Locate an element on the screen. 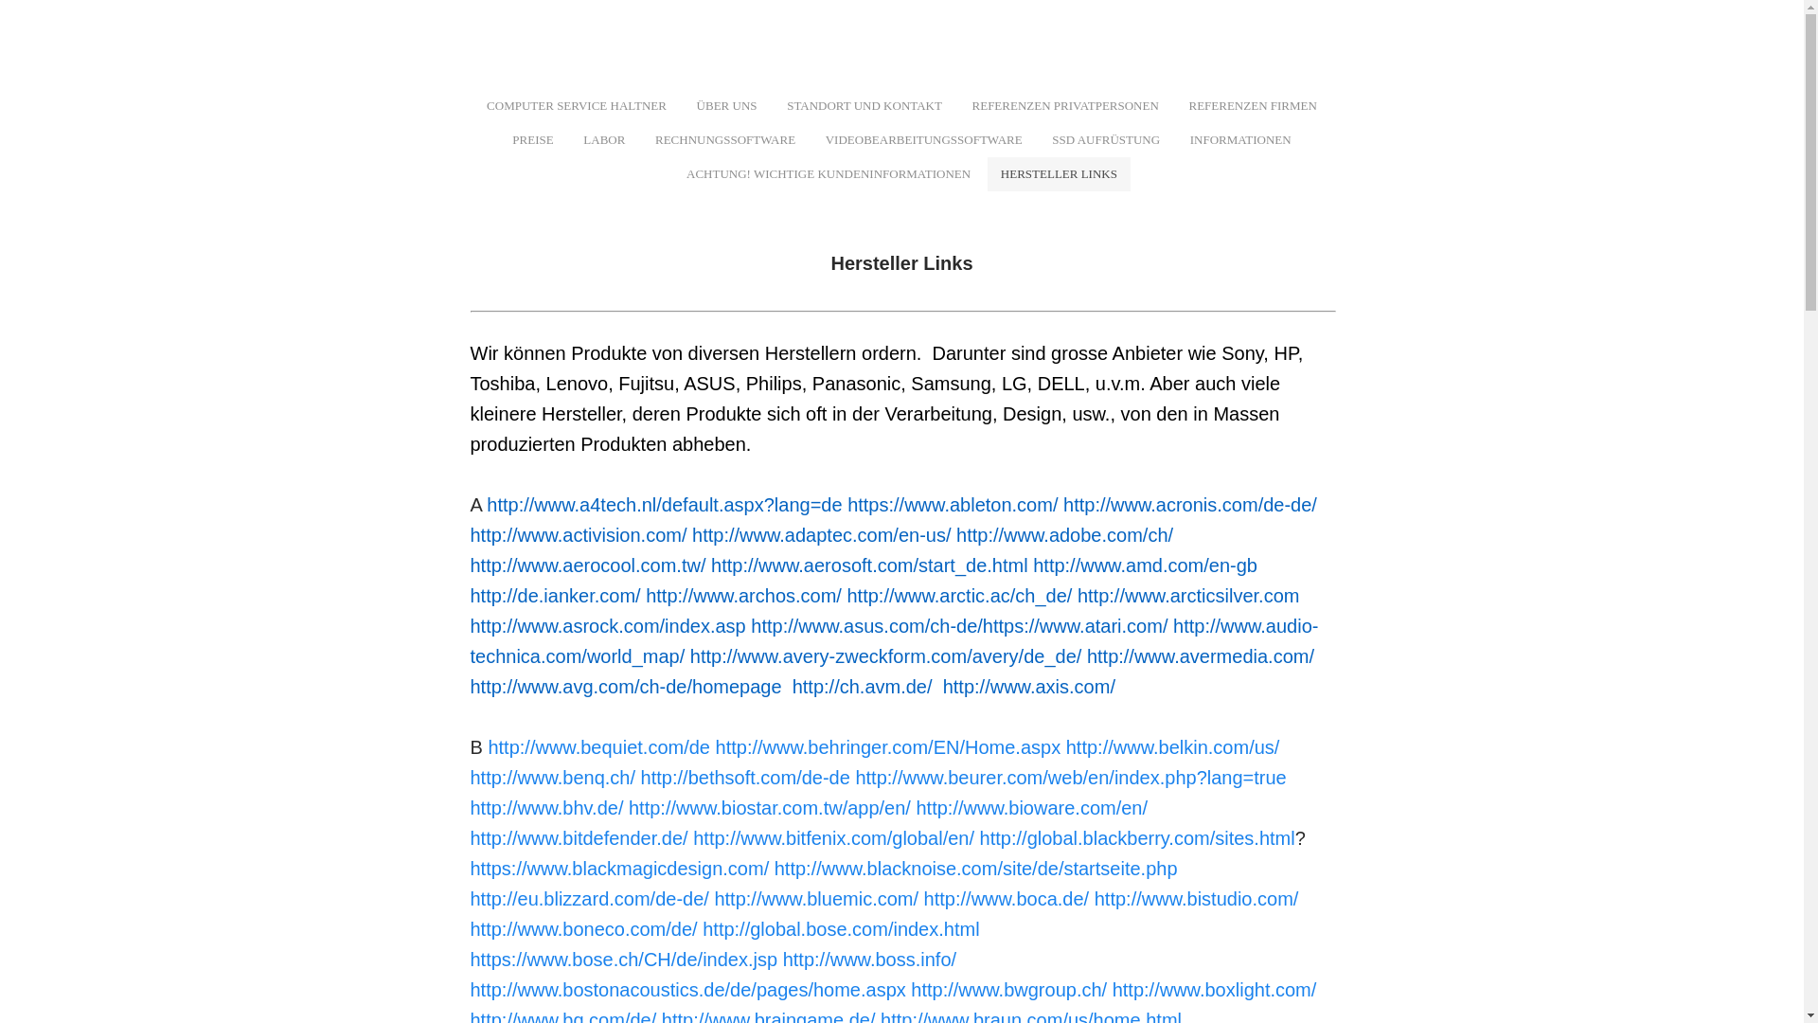 This screenshot has height=1023, width=1818. 'http://de.ianker.com/' is located at coordinates (469, 594).